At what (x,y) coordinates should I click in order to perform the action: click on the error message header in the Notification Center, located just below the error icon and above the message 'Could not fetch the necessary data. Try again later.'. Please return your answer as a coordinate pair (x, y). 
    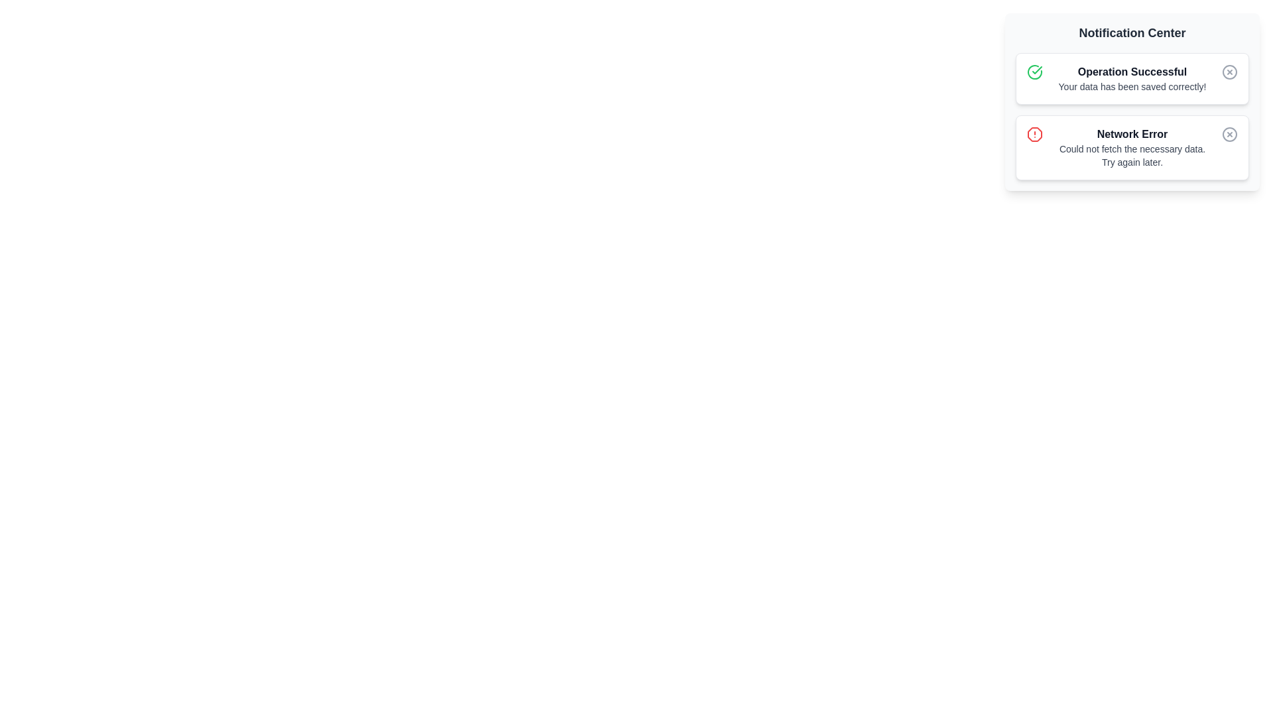
    Looking at the image, I should click on (1132, 135).